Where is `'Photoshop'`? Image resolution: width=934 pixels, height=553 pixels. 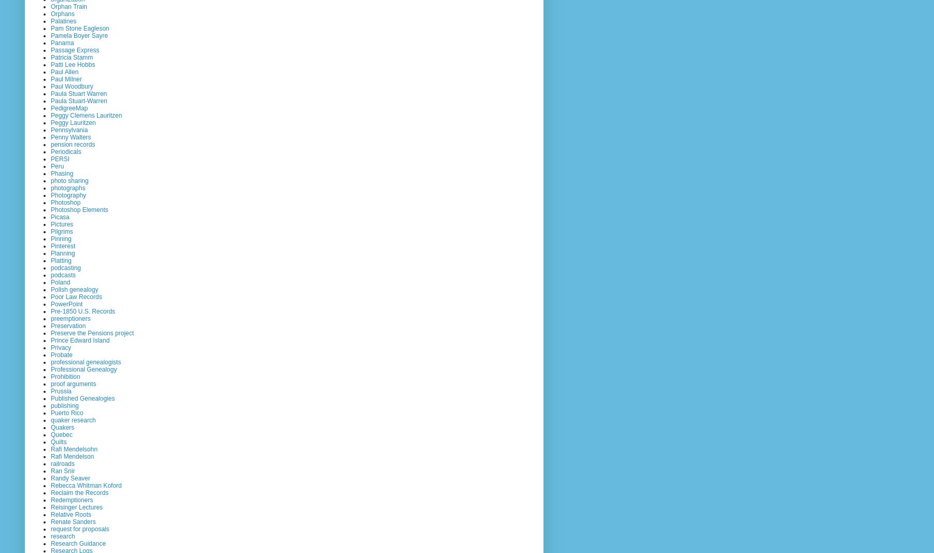
'Photoshop' is located at coordinates (65, 201).